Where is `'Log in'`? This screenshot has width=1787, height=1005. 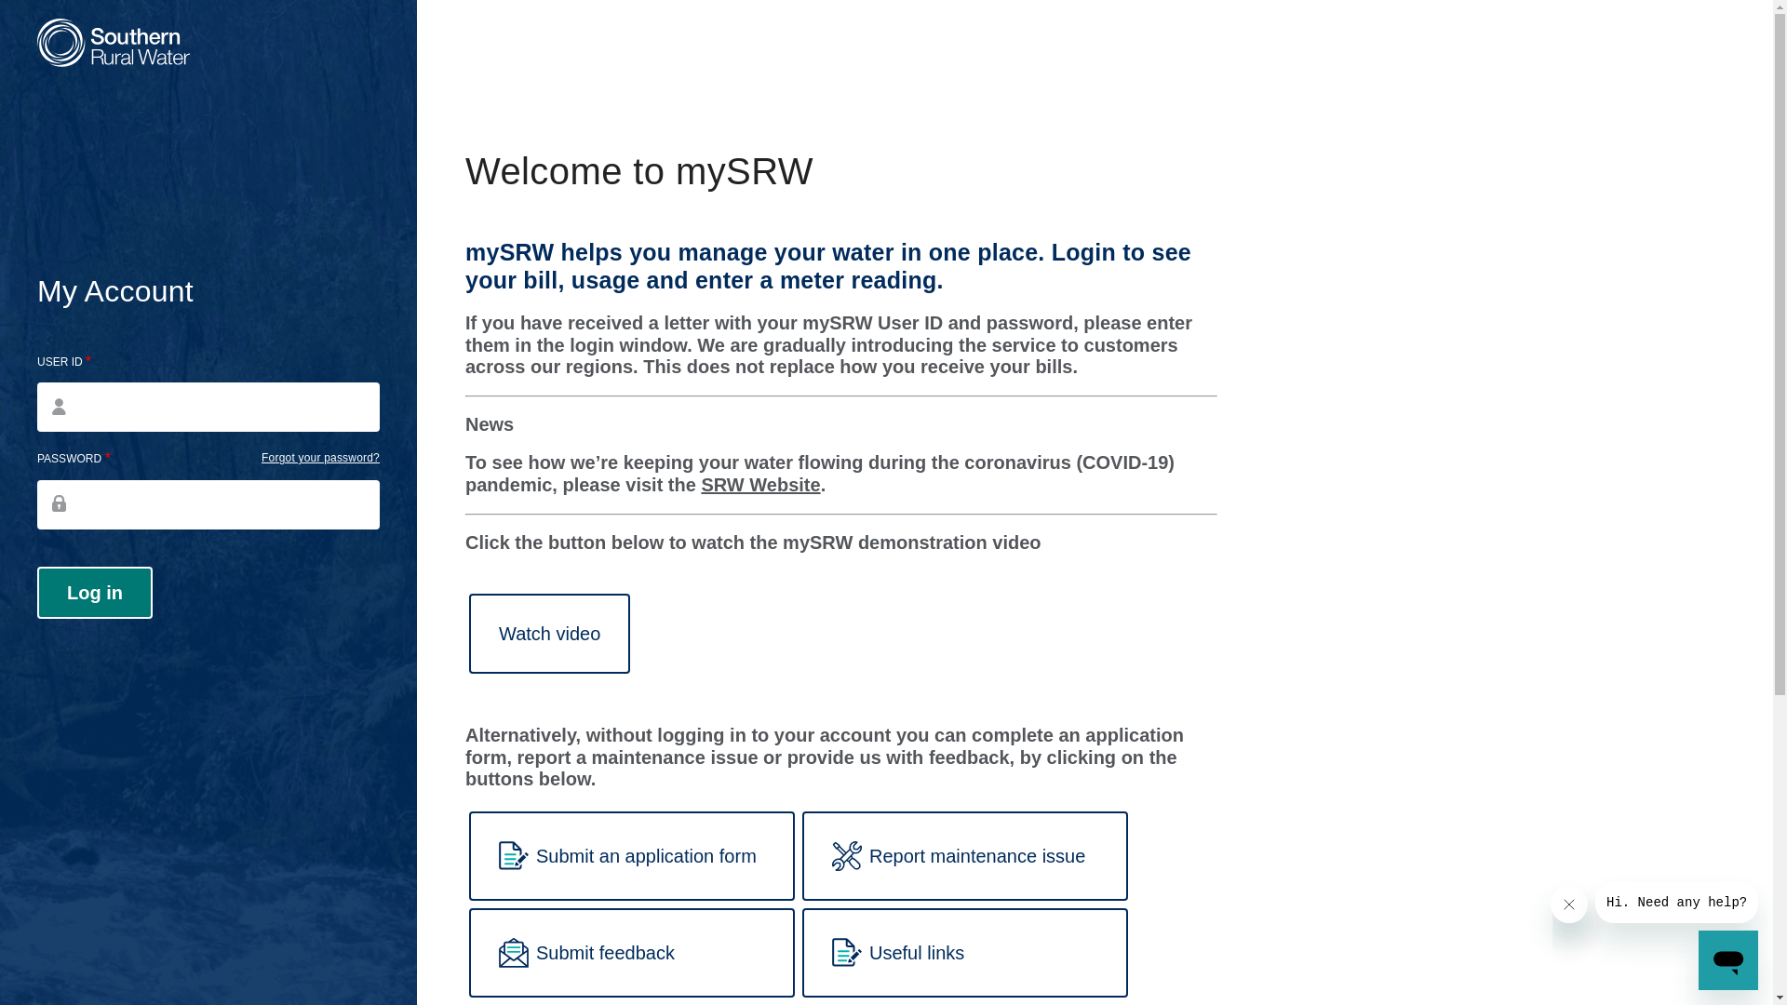 'Log in' is located at coordinates (93, 592).